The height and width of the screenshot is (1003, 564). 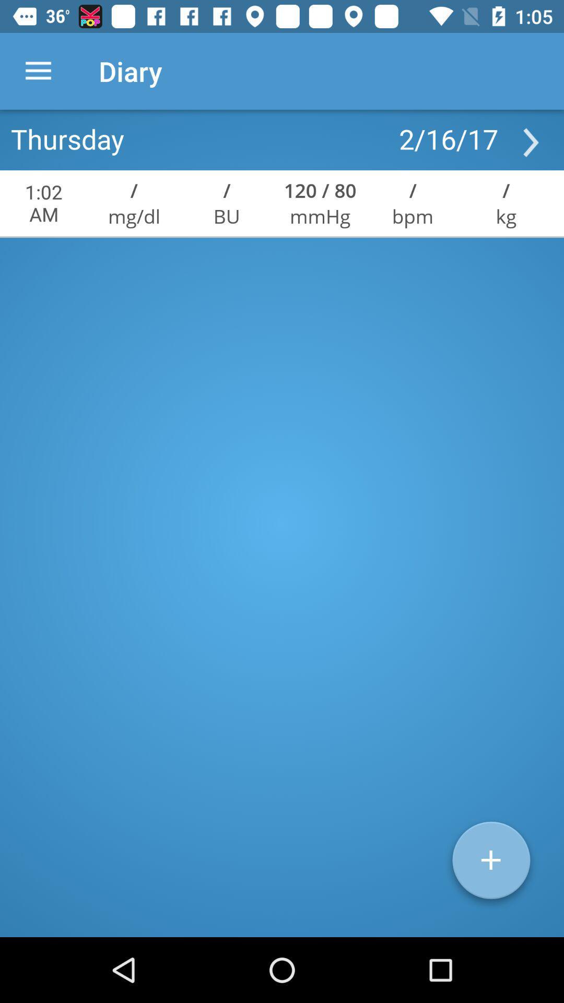 I want to click on icon below the / item, so click(x=412, y=215).